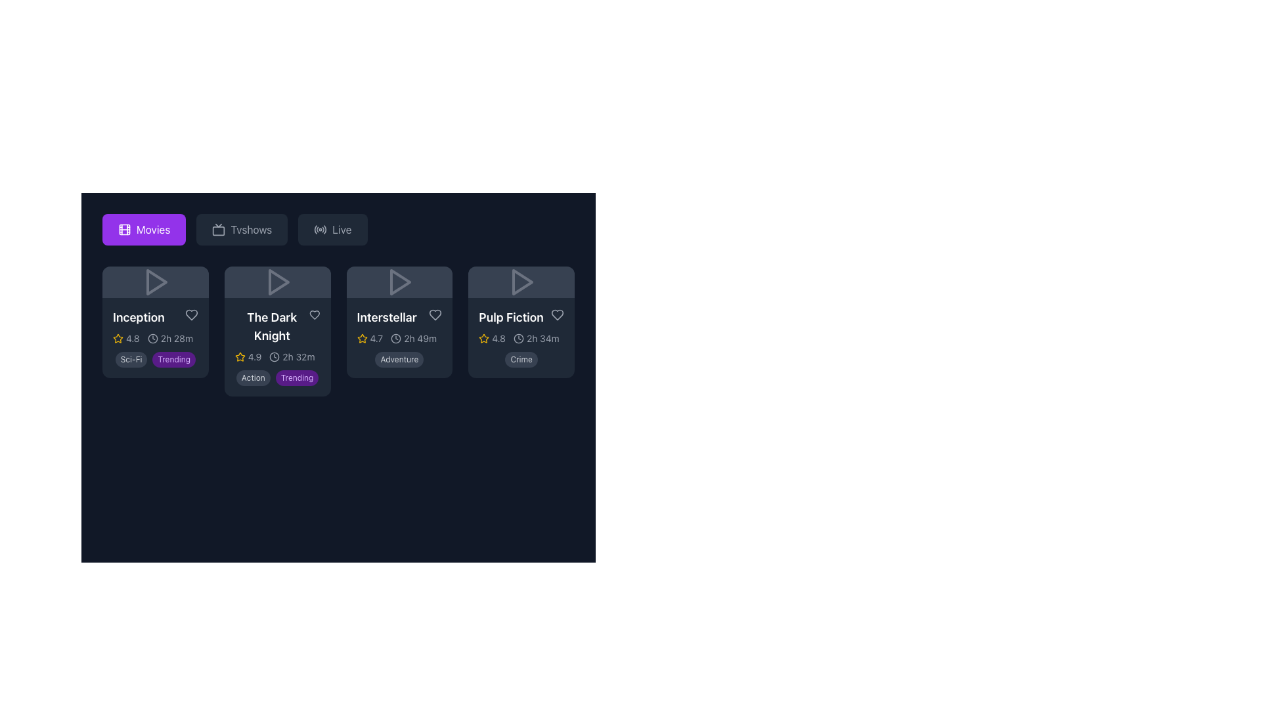  I want to click on the small, pill-shaped badge labeled 'Trending' which is positioned to the right of the 'Sci-Fi' badge at the bottom-left corner of the movie 'Inception' card, so click(173, 359).